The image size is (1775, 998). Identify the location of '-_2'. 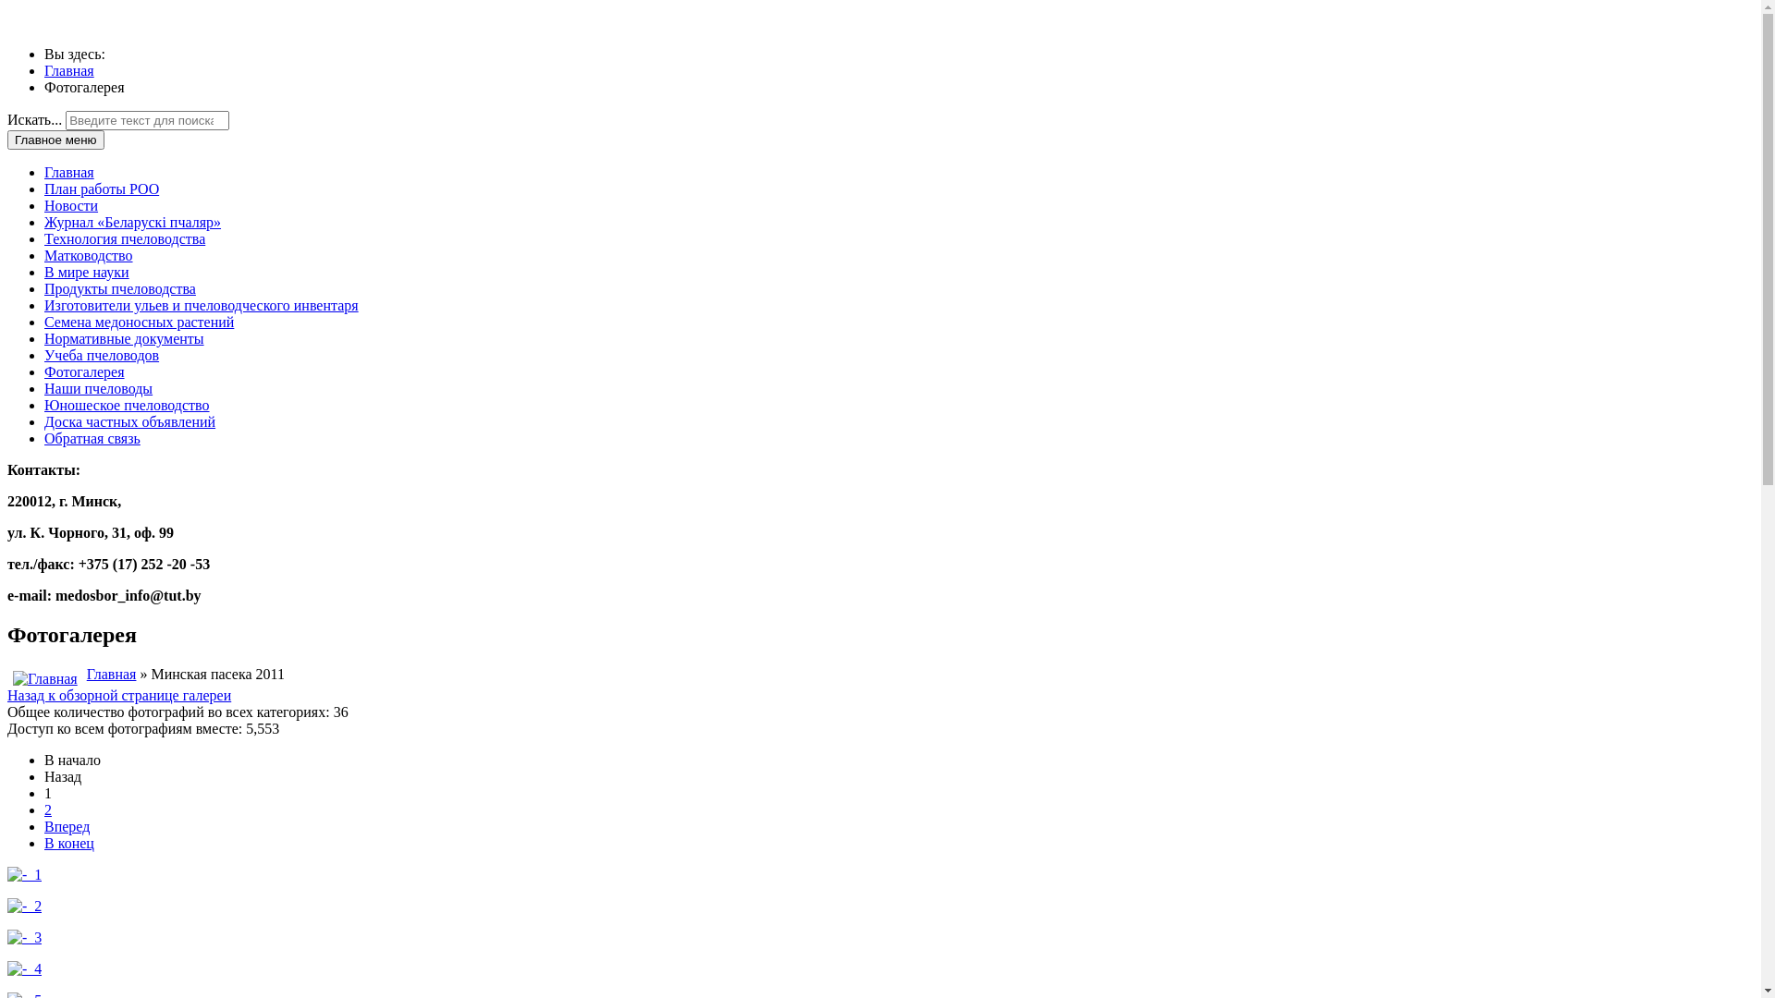
(24, 905).